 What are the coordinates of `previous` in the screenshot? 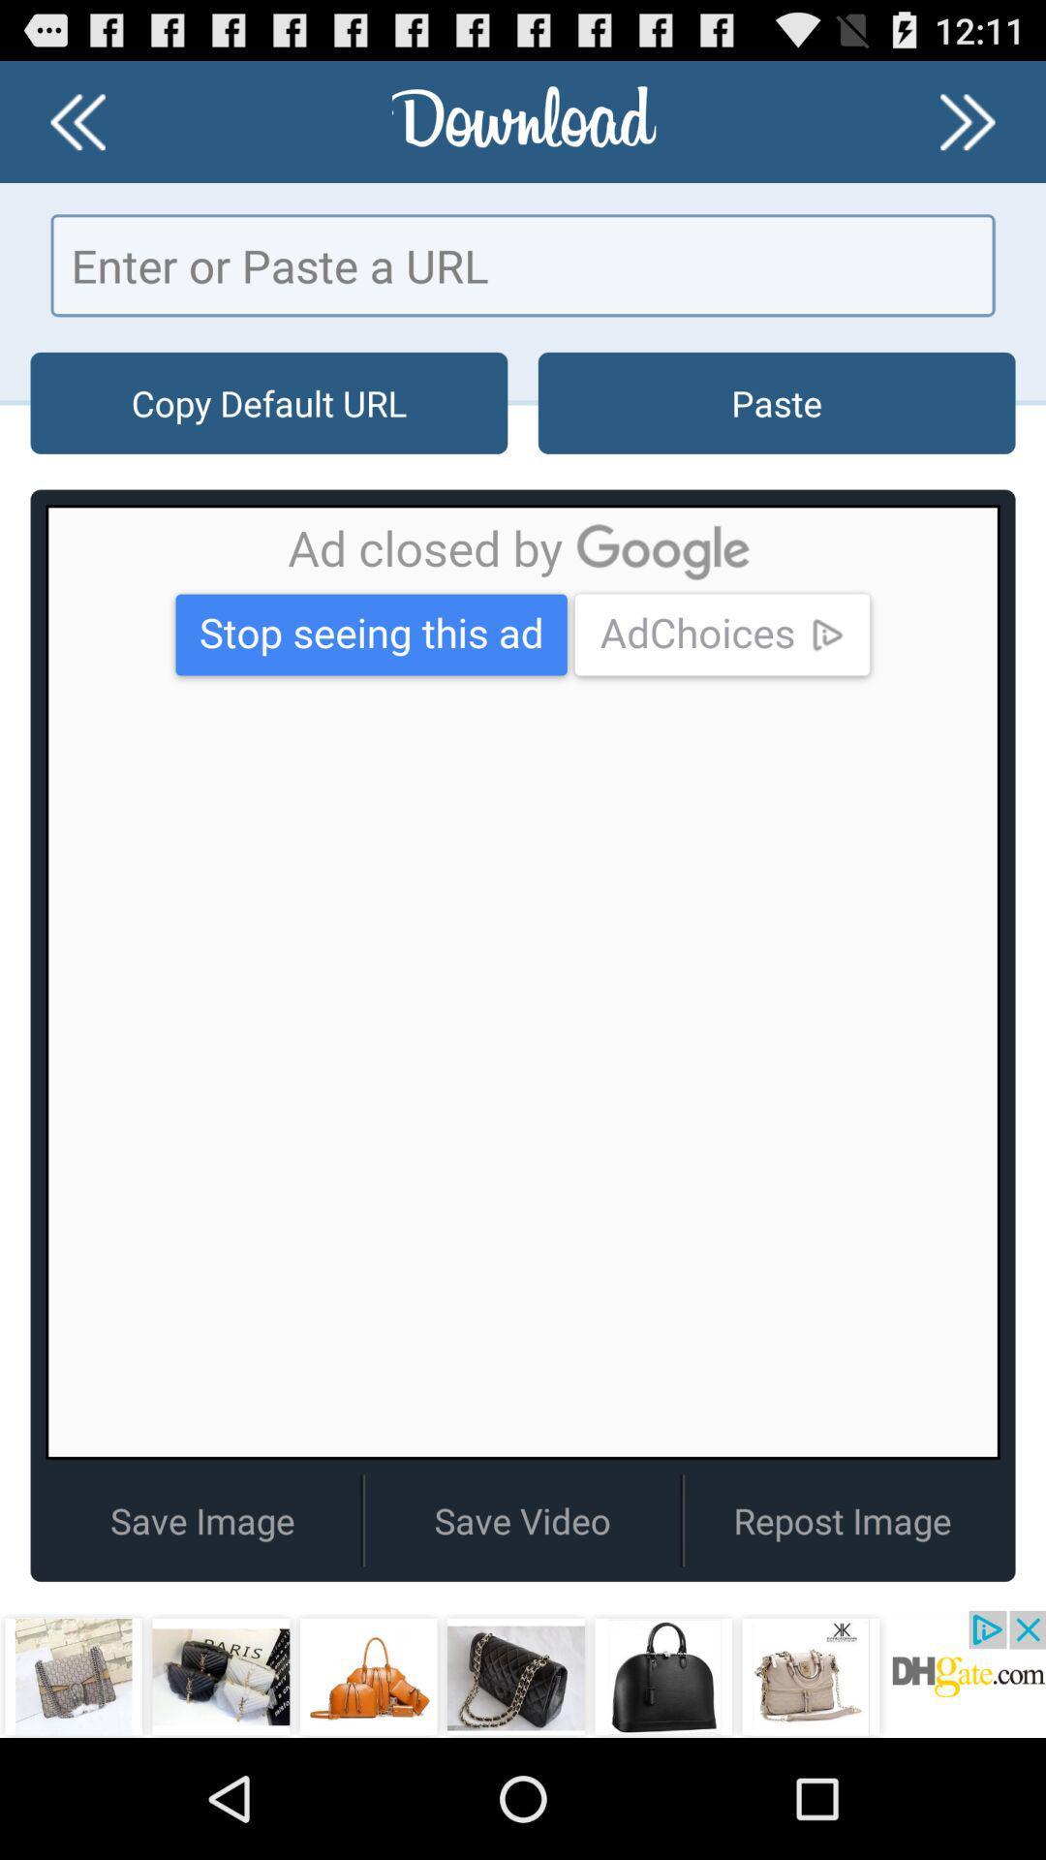 It's located at (77, 120).